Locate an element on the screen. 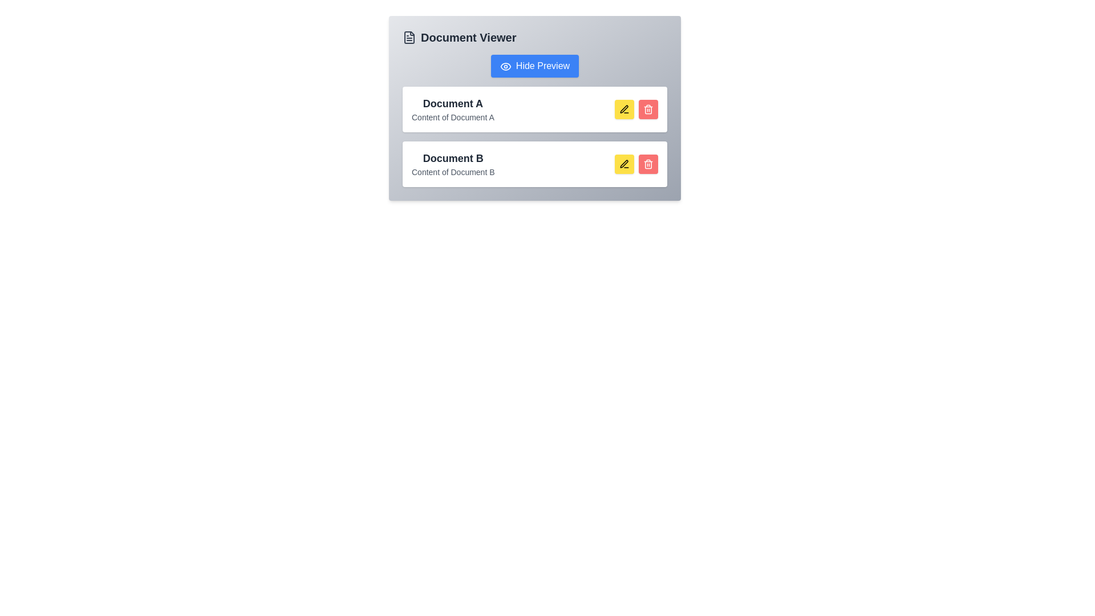 This screenshot has height=616, width=1095. the header Text label that serves as the title for the document viewer interface, located centrally and horizontally aligned with an icon on its left is located at coordinates (468, 37).